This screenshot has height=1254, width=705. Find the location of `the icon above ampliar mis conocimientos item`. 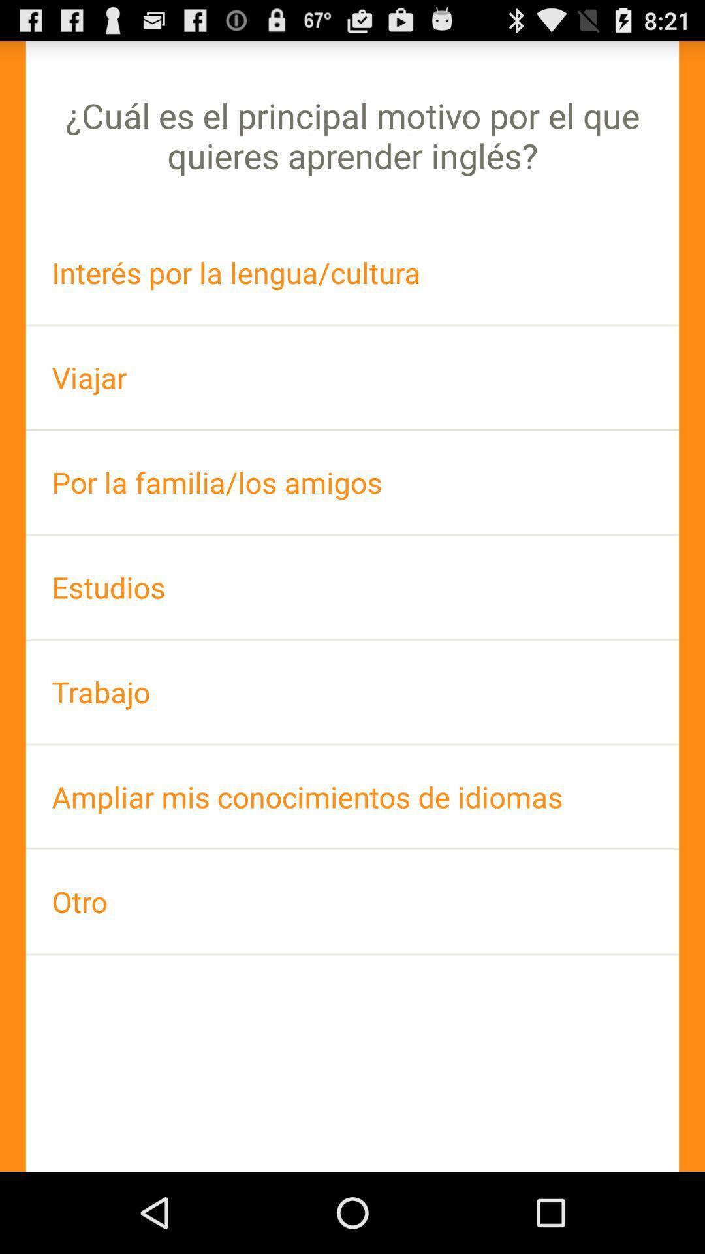

the icon above ampliar mis conocimientos item is located at coordinates (352, 691).